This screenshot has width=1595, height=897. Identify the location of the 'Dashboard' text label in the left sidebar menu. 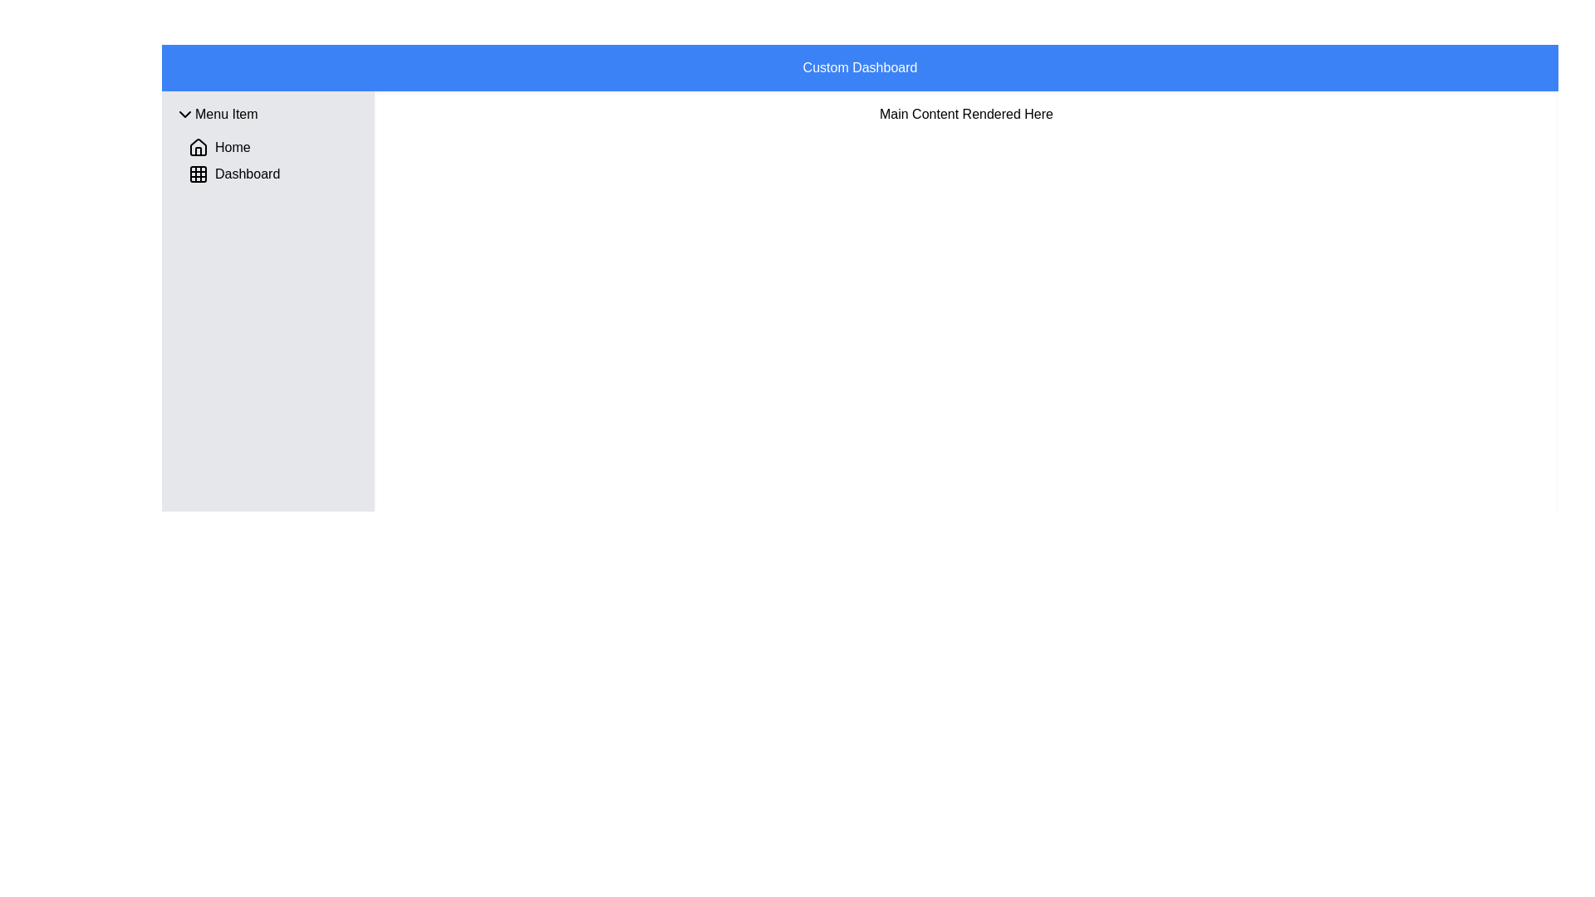
(275, 174).